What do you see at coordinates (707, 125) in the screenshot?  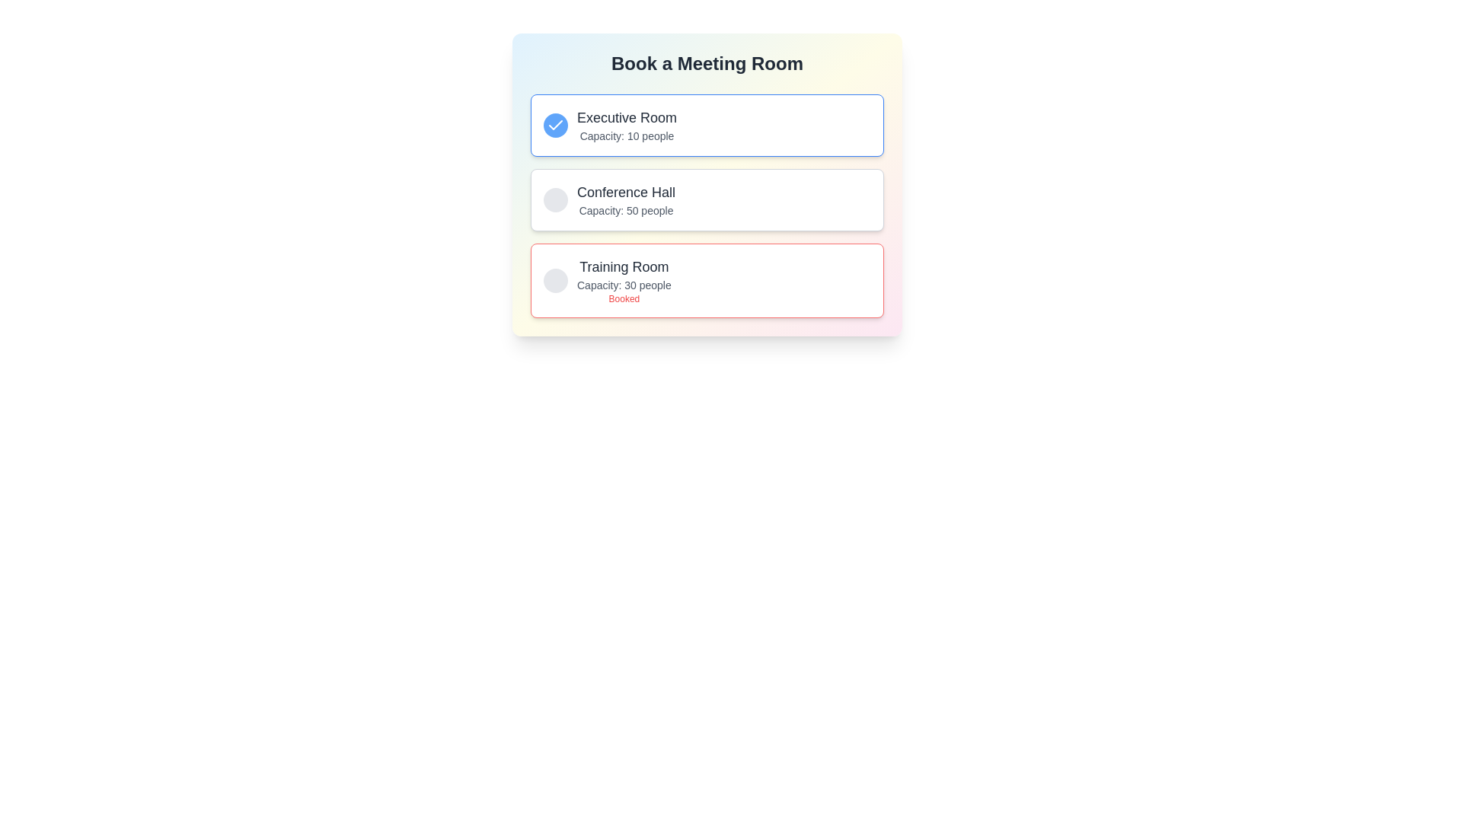 I see `the 'Executive Room' booking option card, which is the first card in a vertical list of three cards for room bookings` at bounding box center [707, 125].